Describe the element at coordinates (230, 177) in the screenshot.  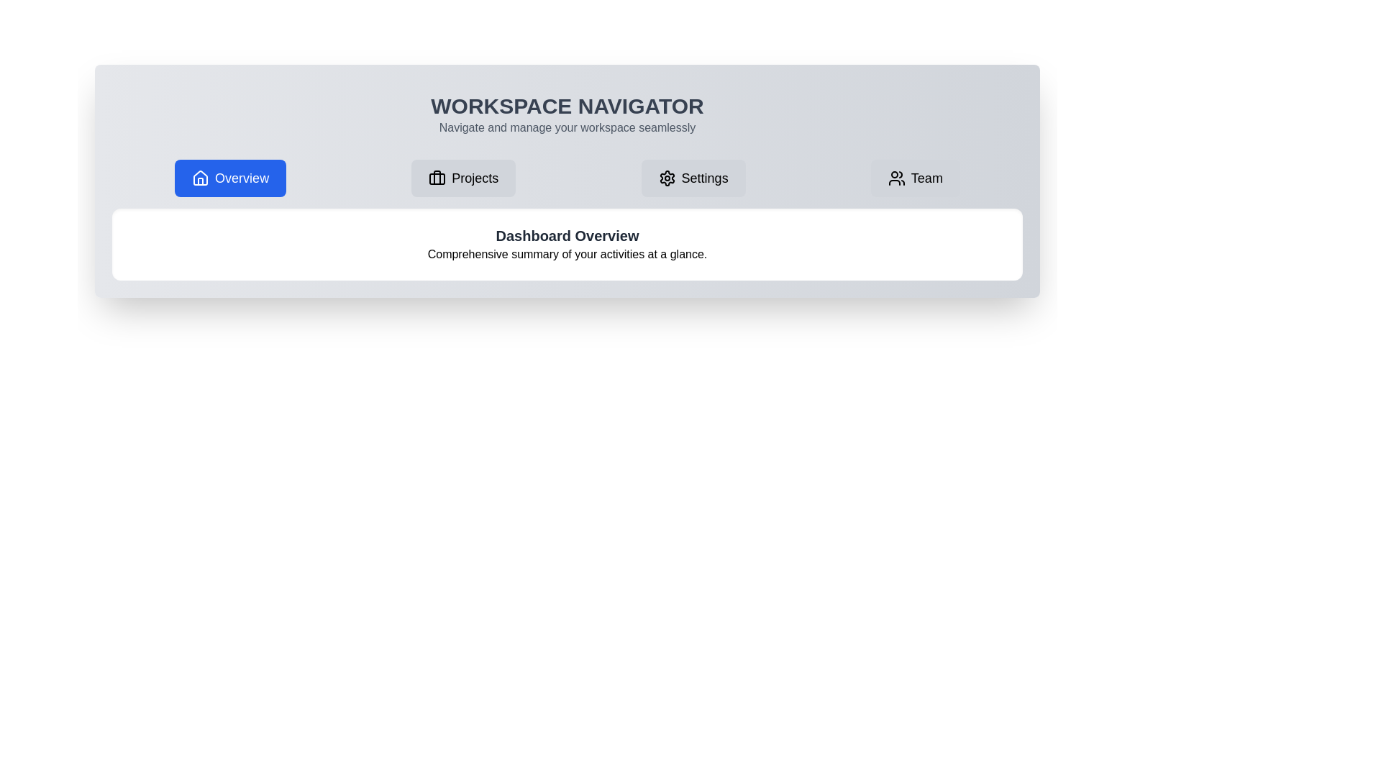
I see `the leftmost button in the navigation bar` at that location.